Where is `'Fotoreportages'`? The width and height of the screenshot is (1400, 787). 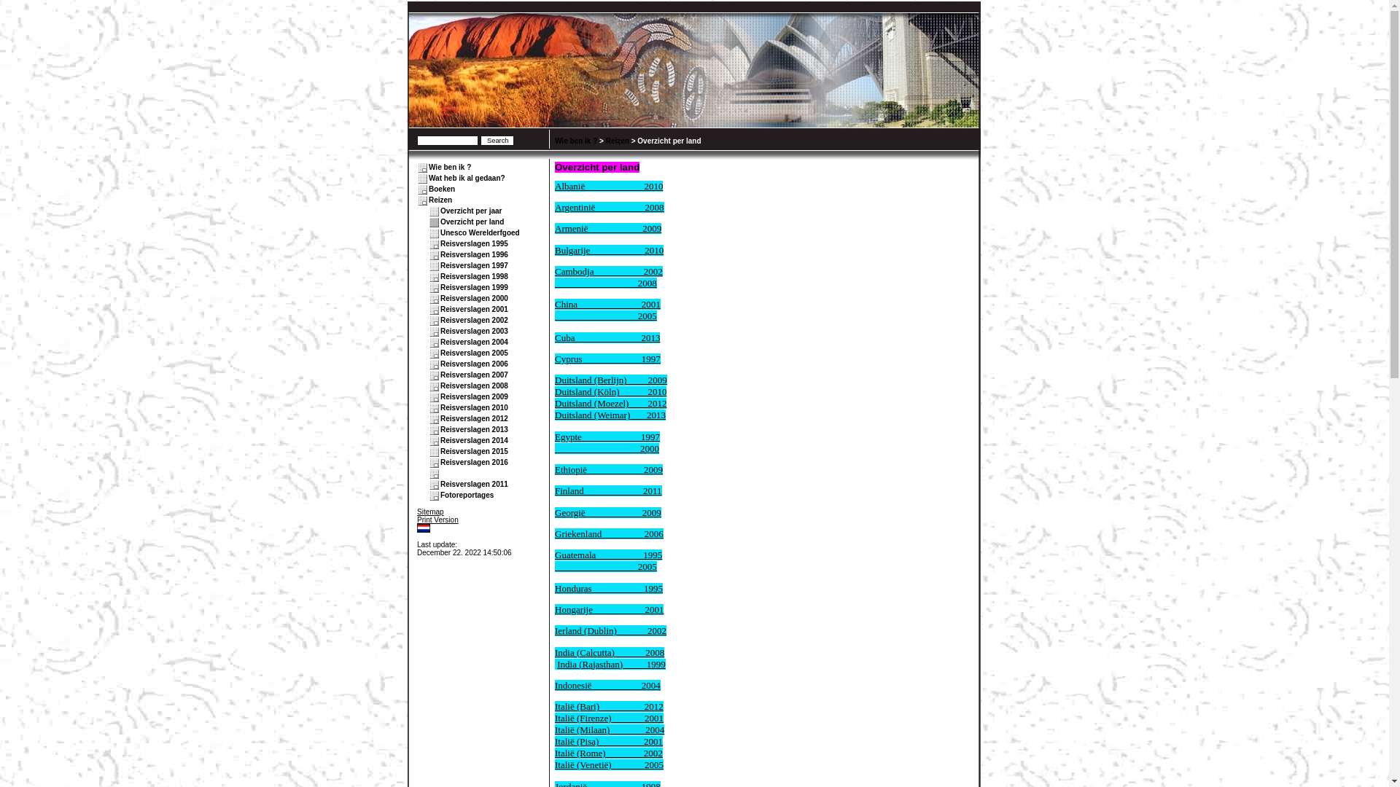
'Fotoreportages' is located at coordinates (467, 494).